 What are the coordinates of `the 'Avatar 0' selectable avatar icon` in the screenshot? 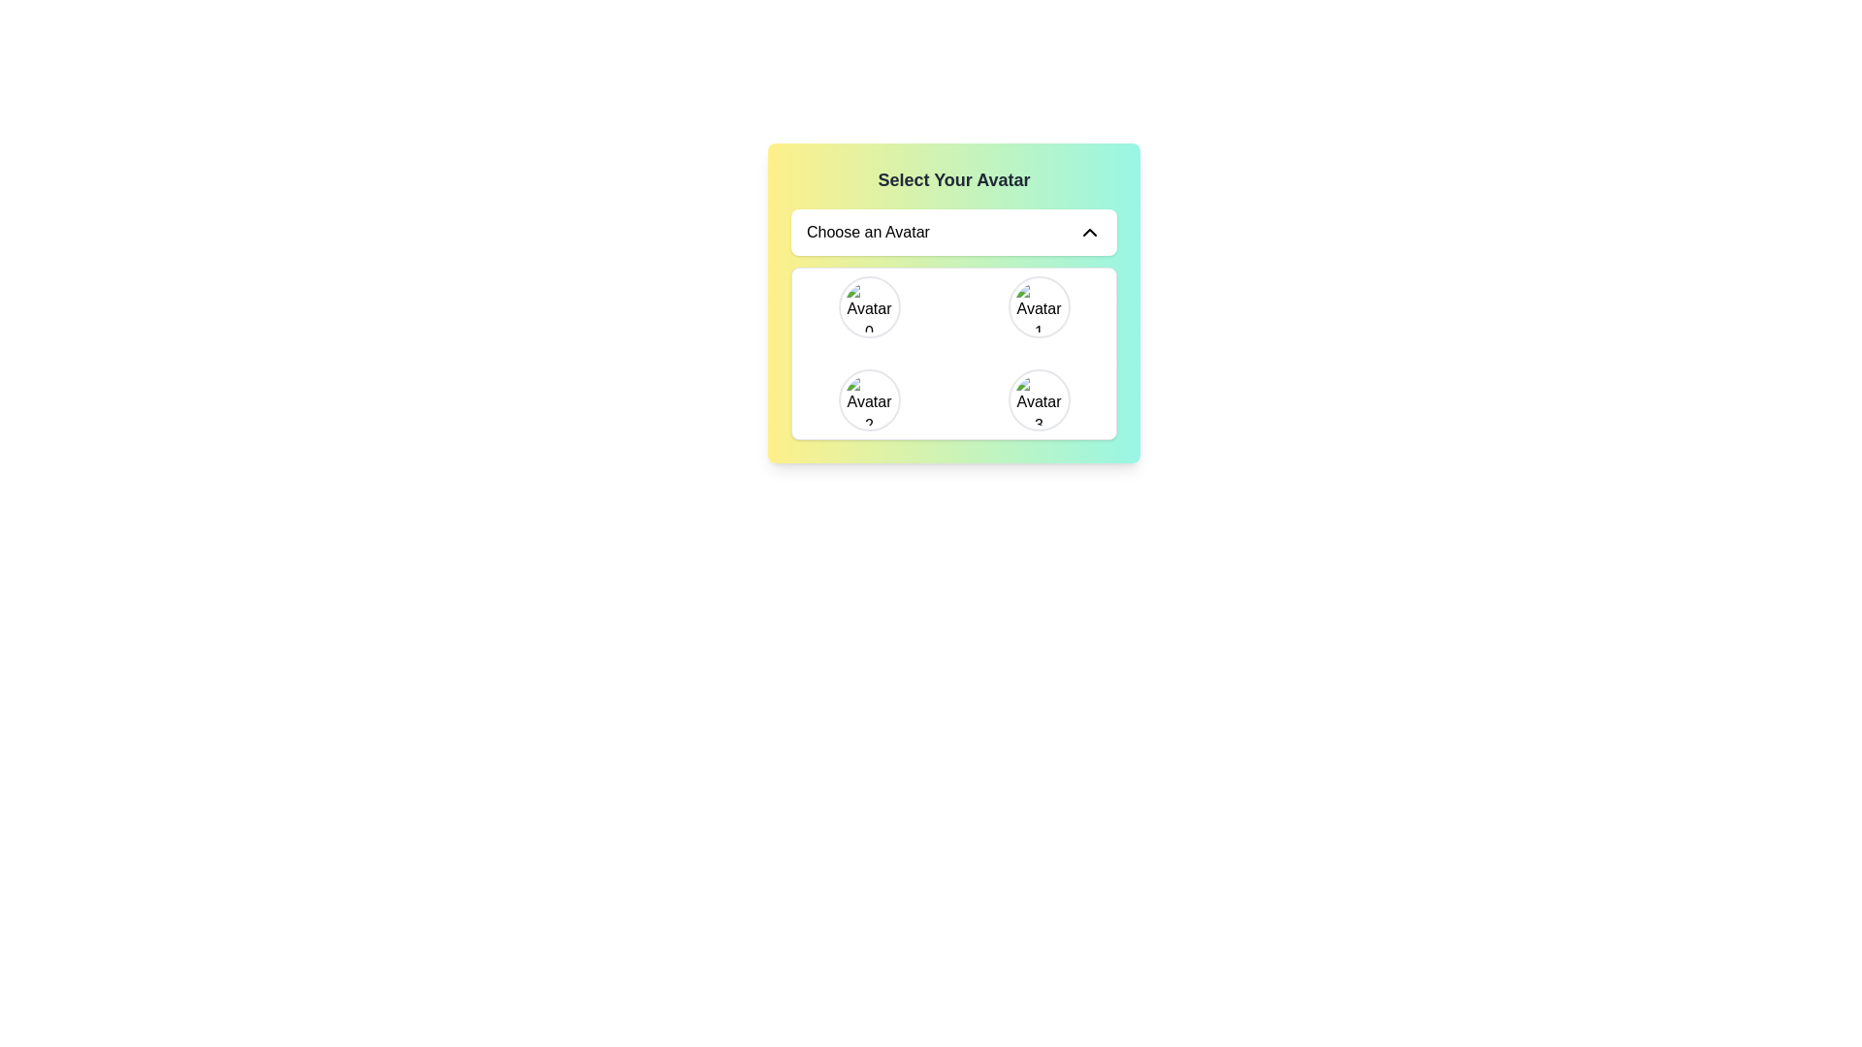 It's located at (868, 305).